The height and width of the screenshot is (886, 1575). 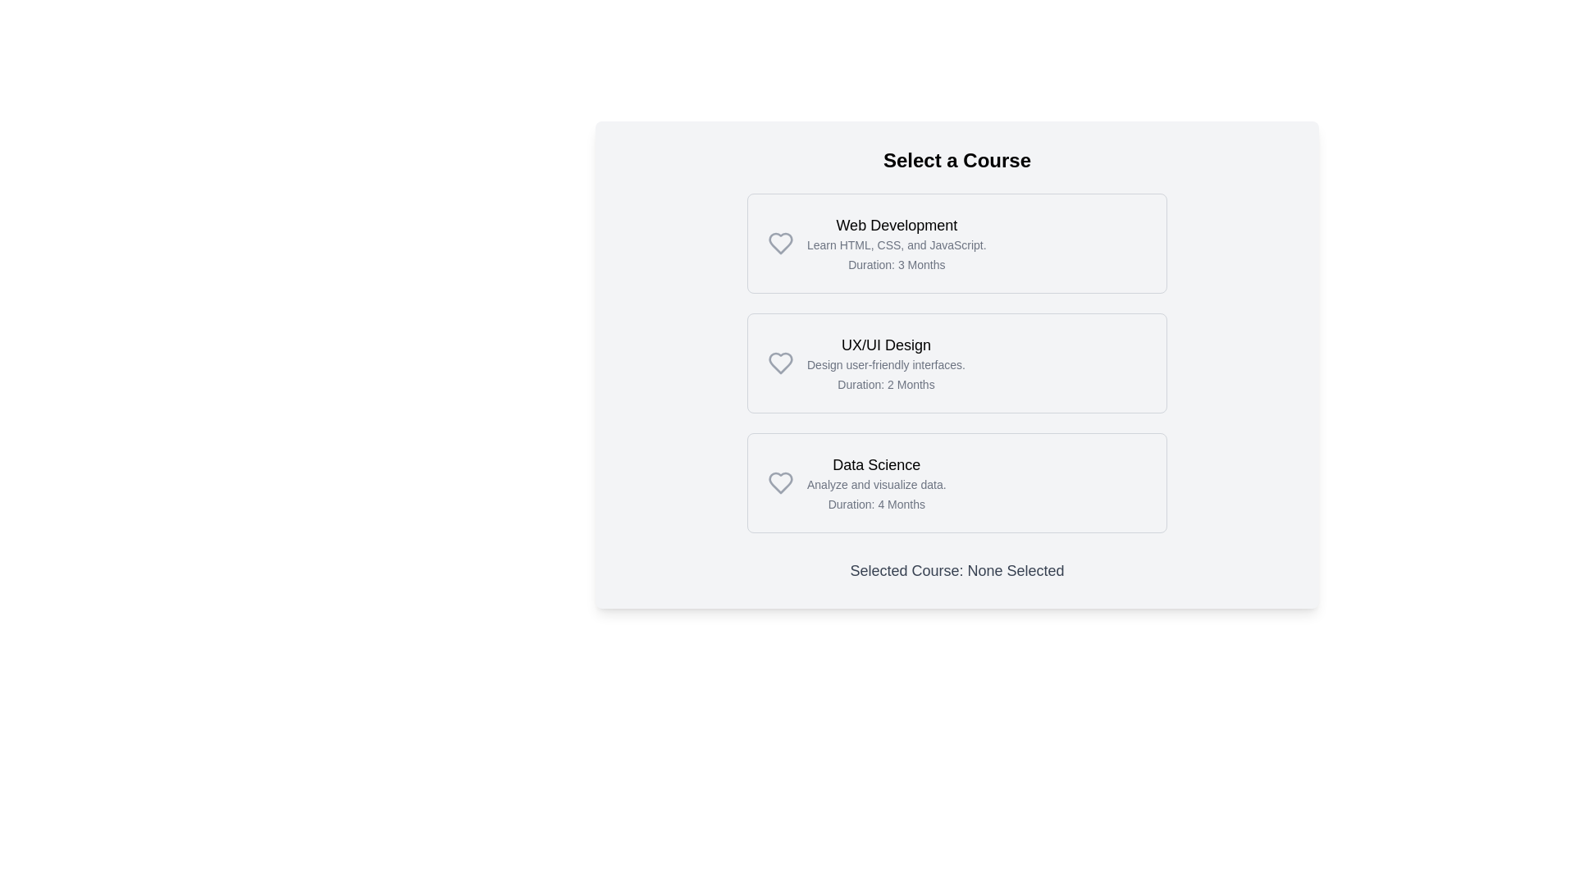 I want to click on text label that displays 'Analyze and visualize data.' which is positioned between 'Data Science' and 'Duration: 4 Months', so click(x=875, y=483).